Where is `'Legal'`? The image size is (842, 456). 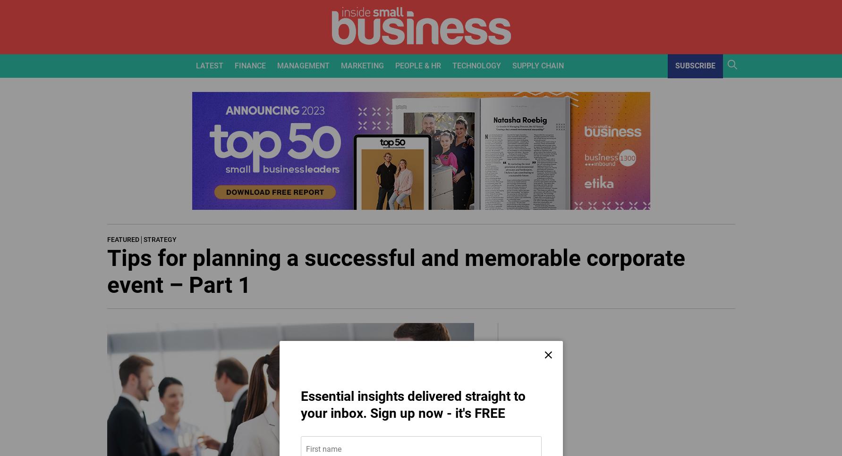 'Legal' is located at coordinates (288, 154).